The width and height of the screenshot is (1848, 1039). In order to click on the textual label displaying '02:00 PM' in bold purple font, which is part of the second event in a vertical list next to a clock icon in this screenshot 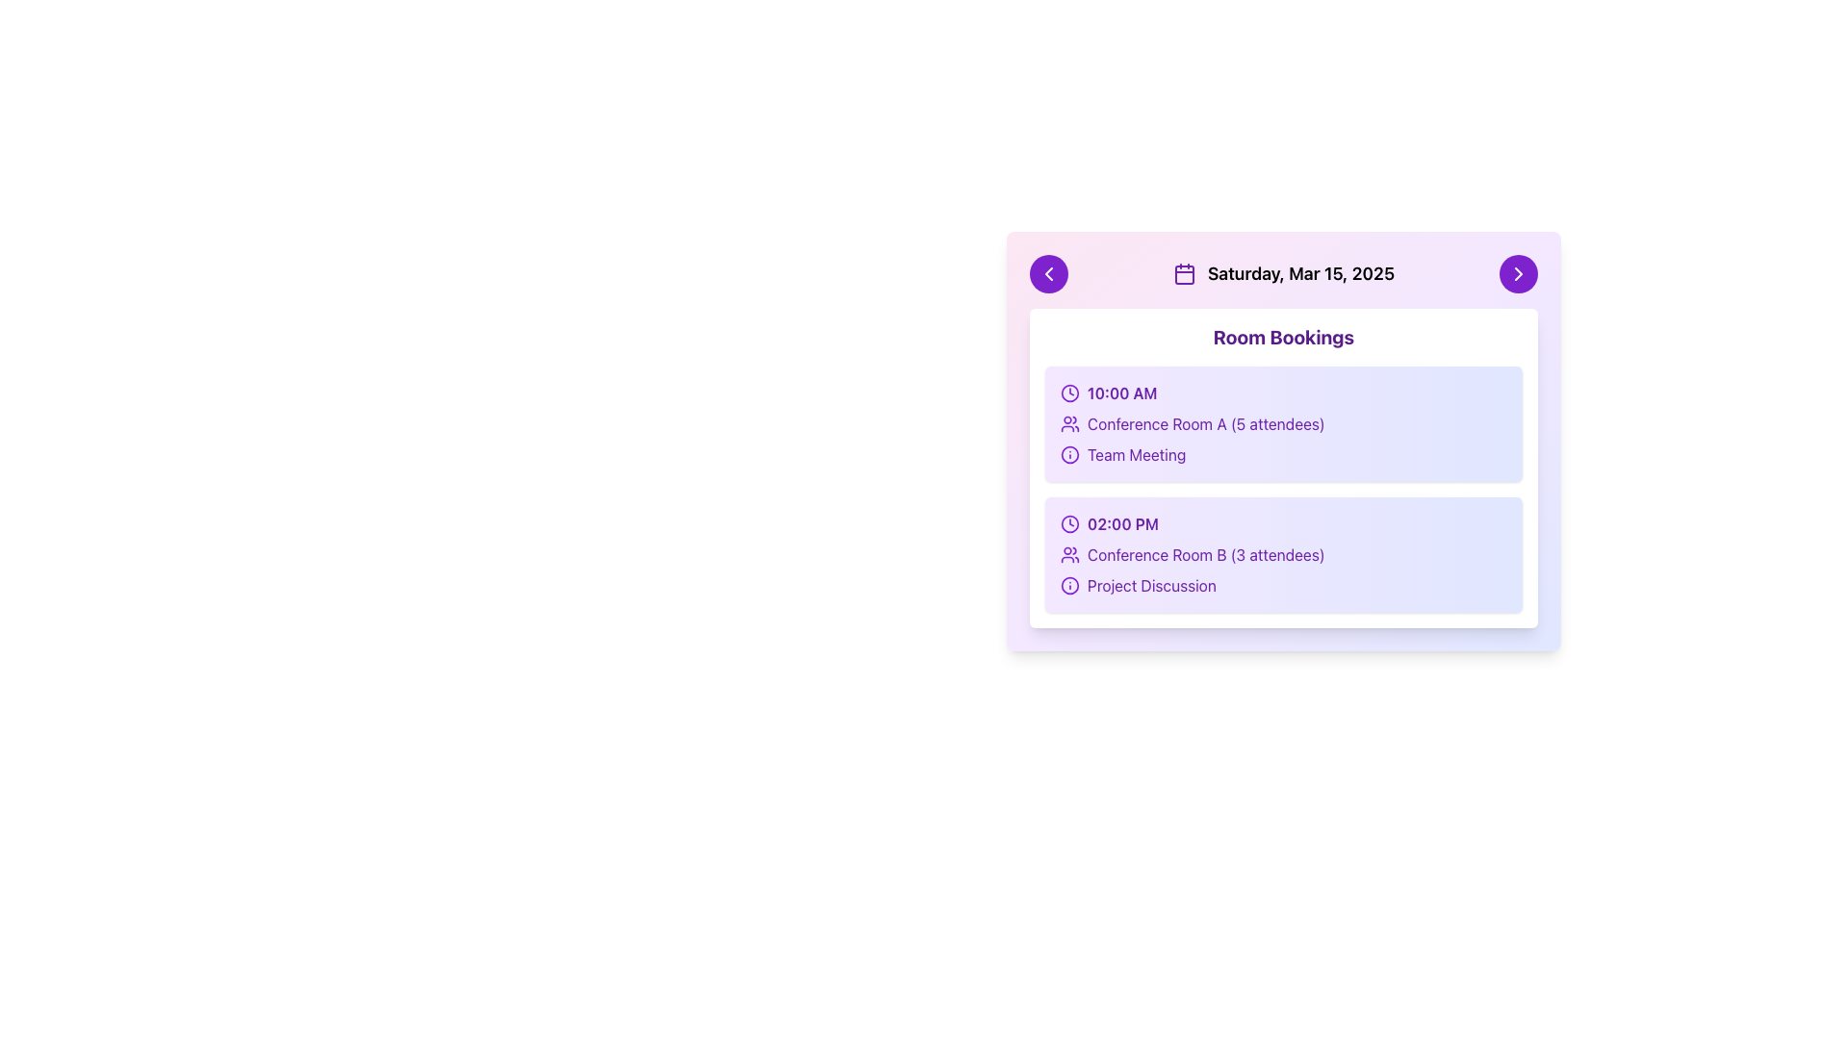, I will do `click(1122, 523)`.